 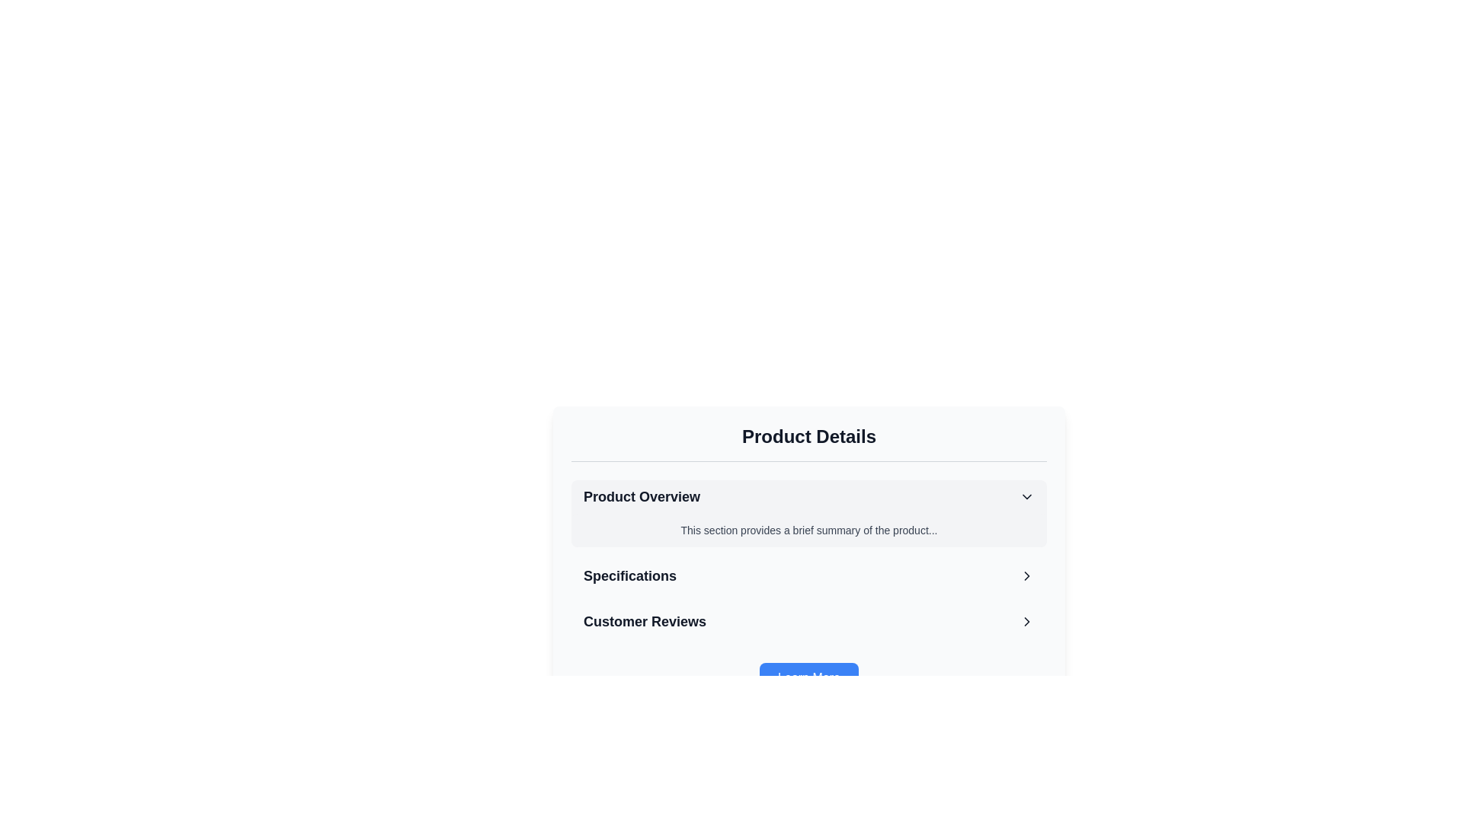 What do you see at coordinates (1027, 622) in the screenshot?
I see `the right-pointing chevron icon adjacent to 'Customer Reviews'` at bounding box center [1027, 622].